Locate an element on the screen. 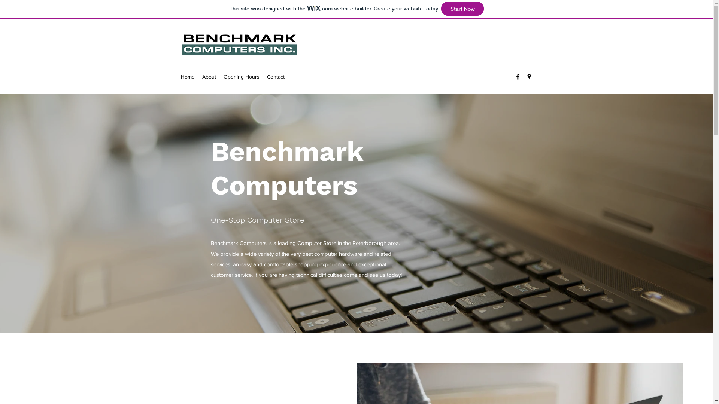 This screenshot has width=719, height=404. 'Contact' is located at coordinates (275, 76).